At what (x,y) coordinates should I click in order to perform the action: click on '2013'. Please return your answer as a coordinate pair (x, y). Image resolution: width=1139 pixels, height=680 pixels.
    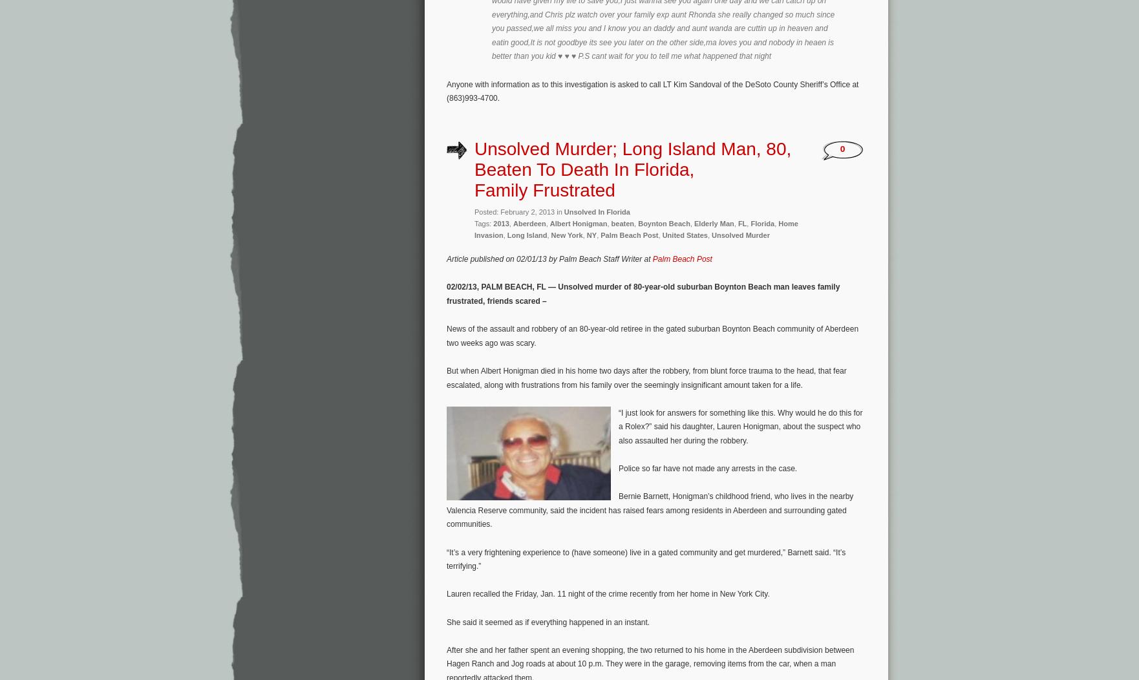
    Looking at the image, I should click on (500, 223).